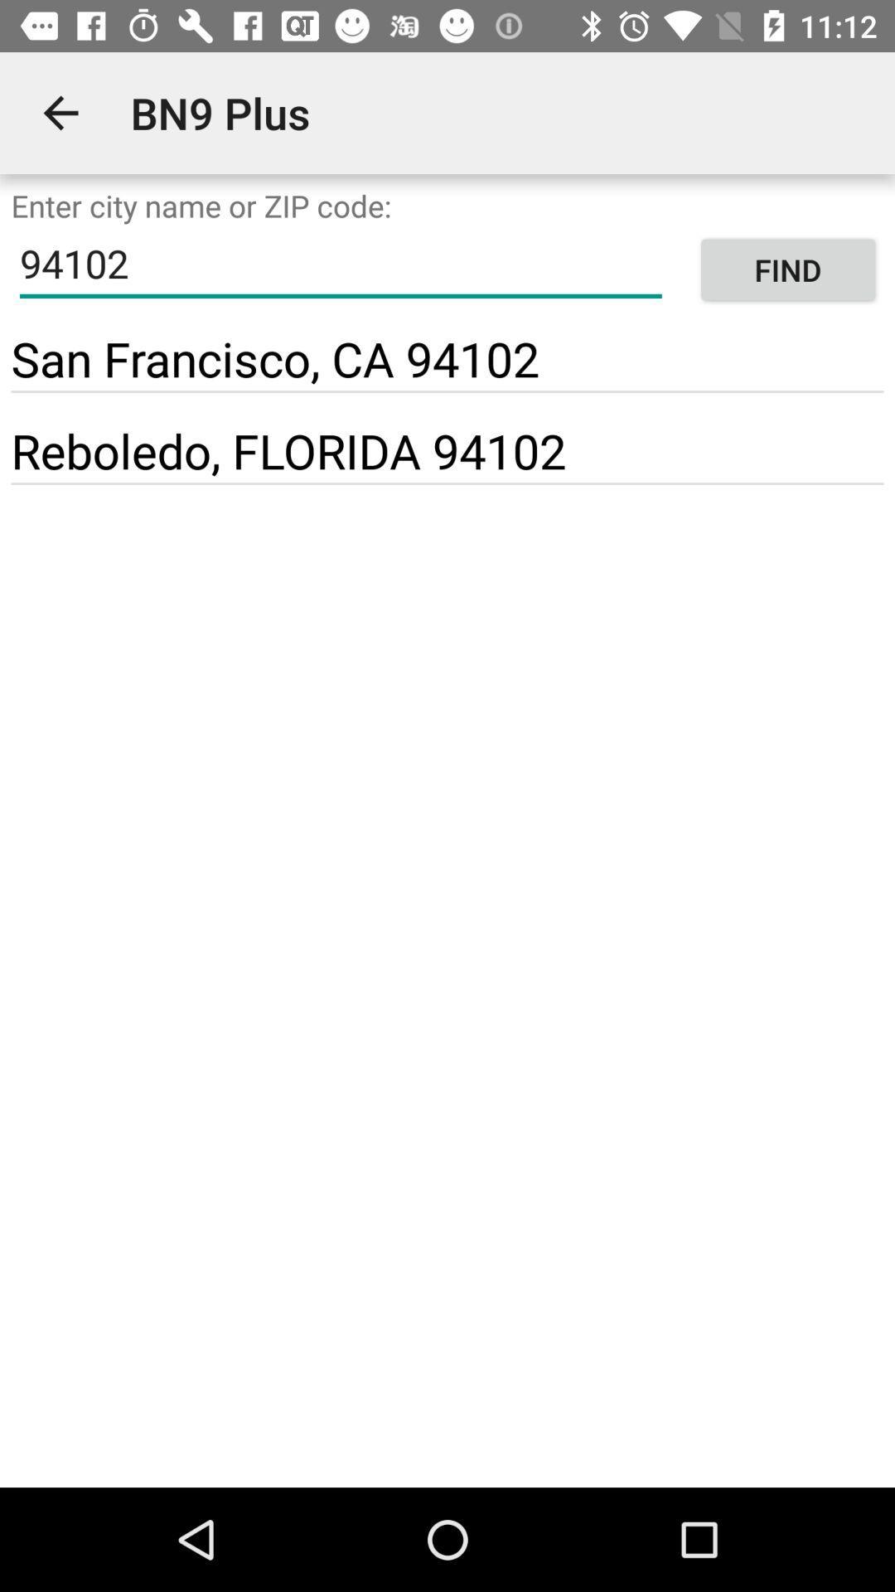 Image resolution: width=895 pixels, height=1592 pixels. I want to click on the item next to find item, so click(274, 357).